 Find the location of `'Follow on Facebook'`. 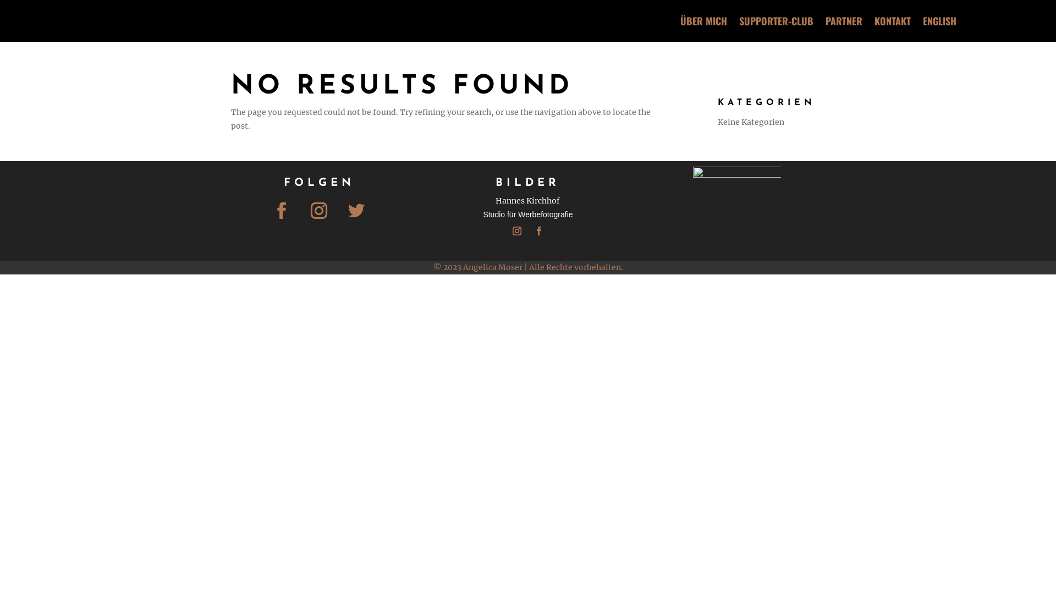

'Follow on Facebook' is located at coordinates (538, 230).